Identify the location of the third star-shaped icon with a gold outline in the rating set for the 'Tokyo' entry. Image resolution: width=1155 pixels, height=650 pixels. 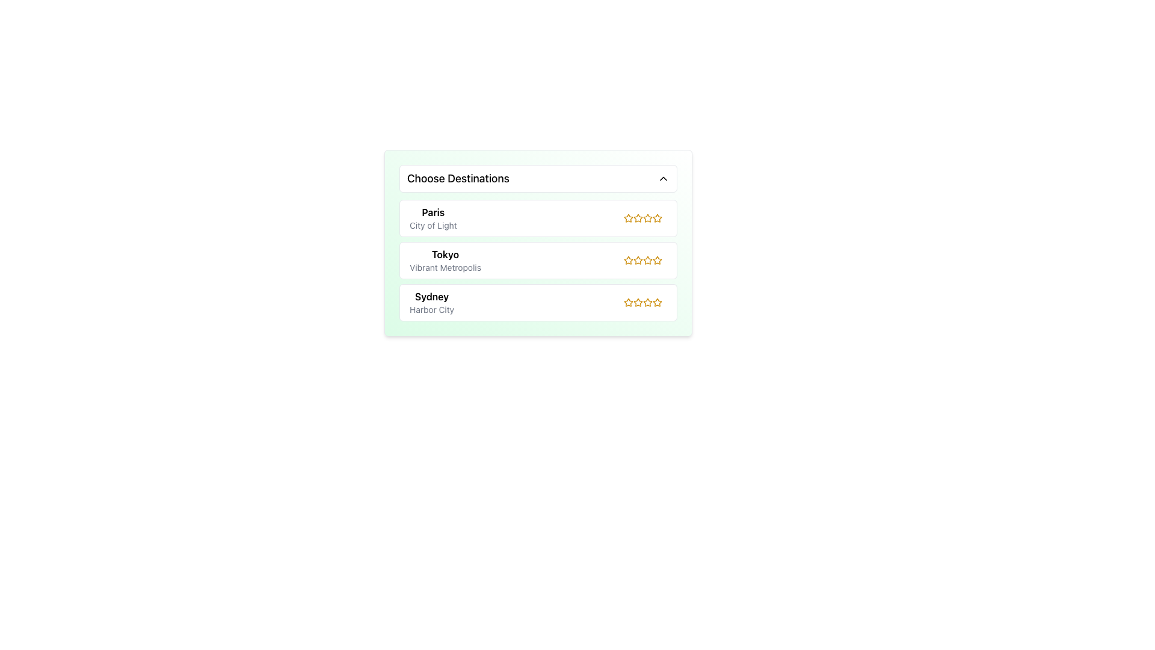
(647, 259).